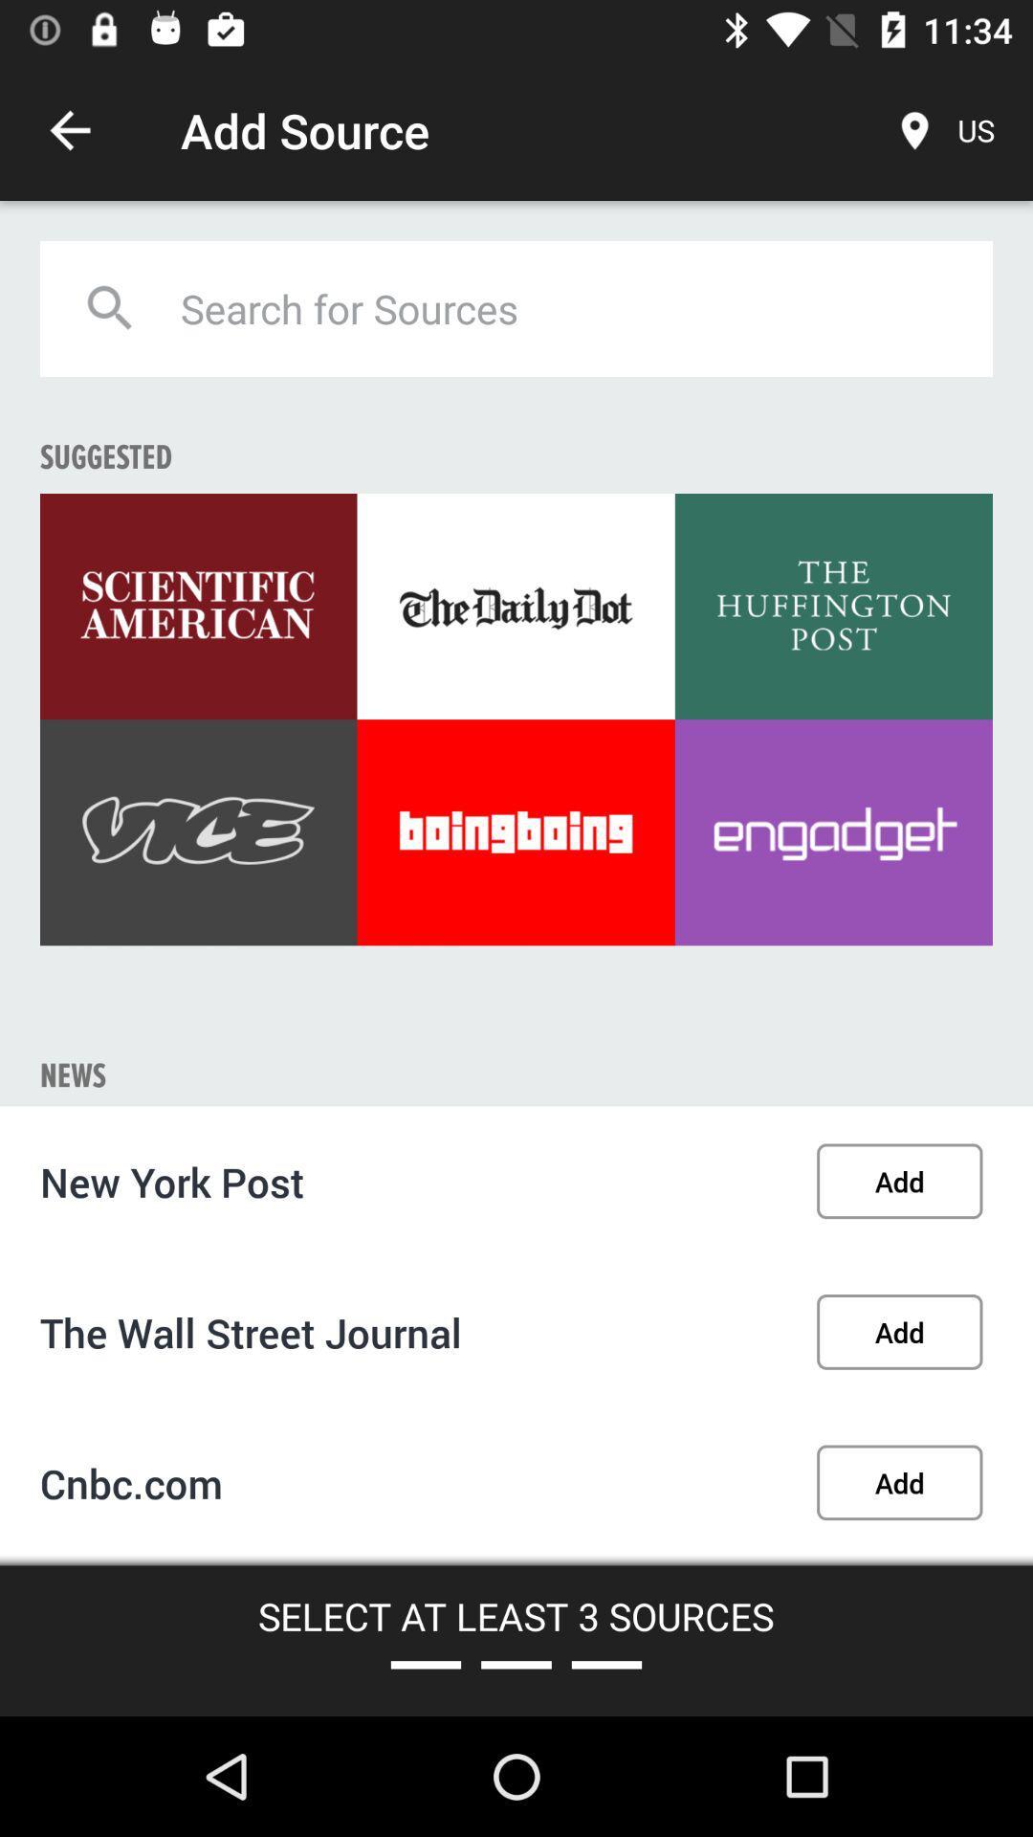 The height and width of the screenshot is (1837, 1033). What do you see at coordinates (69, 129) in the screenshot?
I see `the icon next to the add source item` at bounding box center [69, 129].